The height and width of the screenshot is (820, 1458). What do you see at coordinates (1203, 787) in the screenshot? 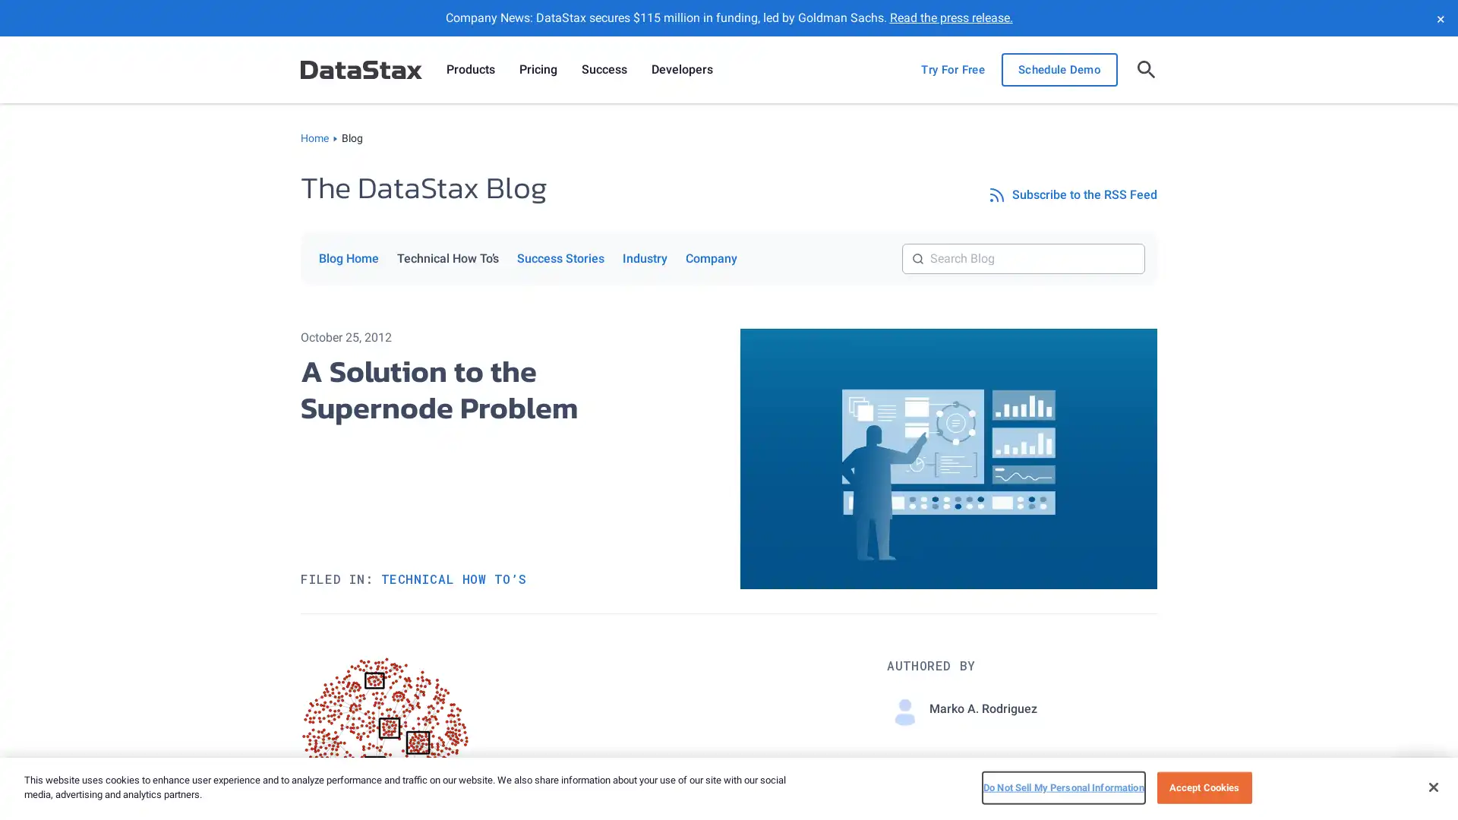
I see `Accept Cookies` at bounding box center [1203, 787].